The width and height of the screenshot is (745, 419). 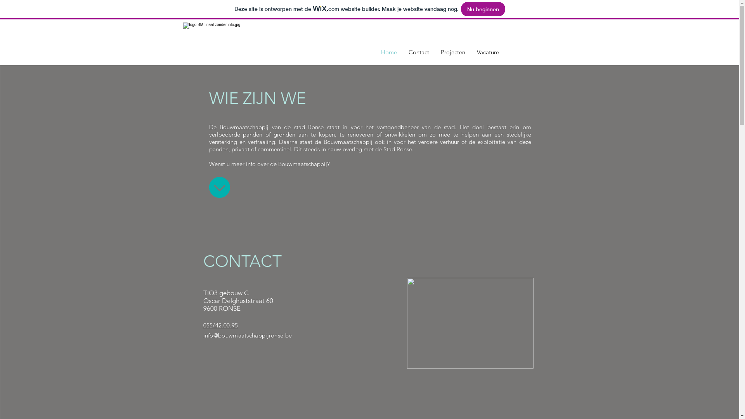 I want to click on 'Contact', so click(x=418, y=52).